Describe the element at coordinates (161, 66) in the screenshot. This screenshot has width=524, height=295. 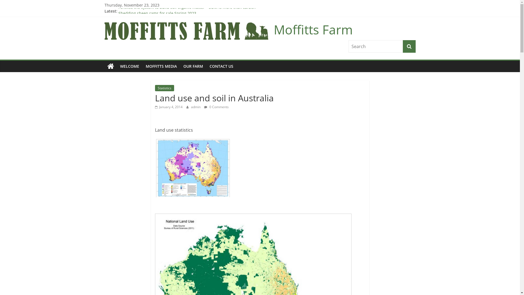
I see `'MOFFITTS MEDIA'` at that location.